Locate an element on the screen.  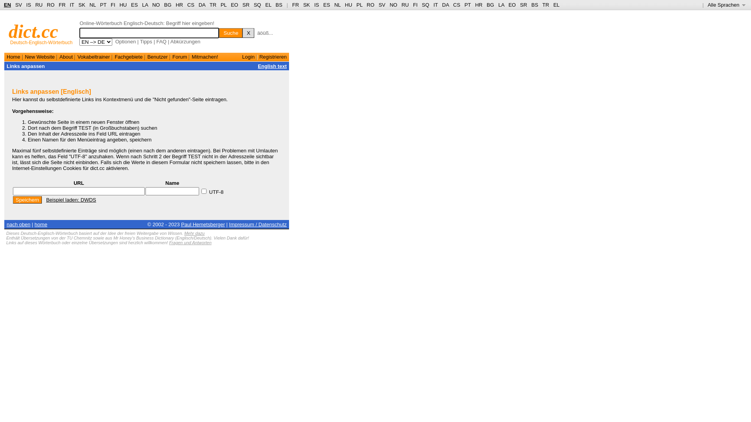
'Mehr dazu' is located at coordinates (194, 233).